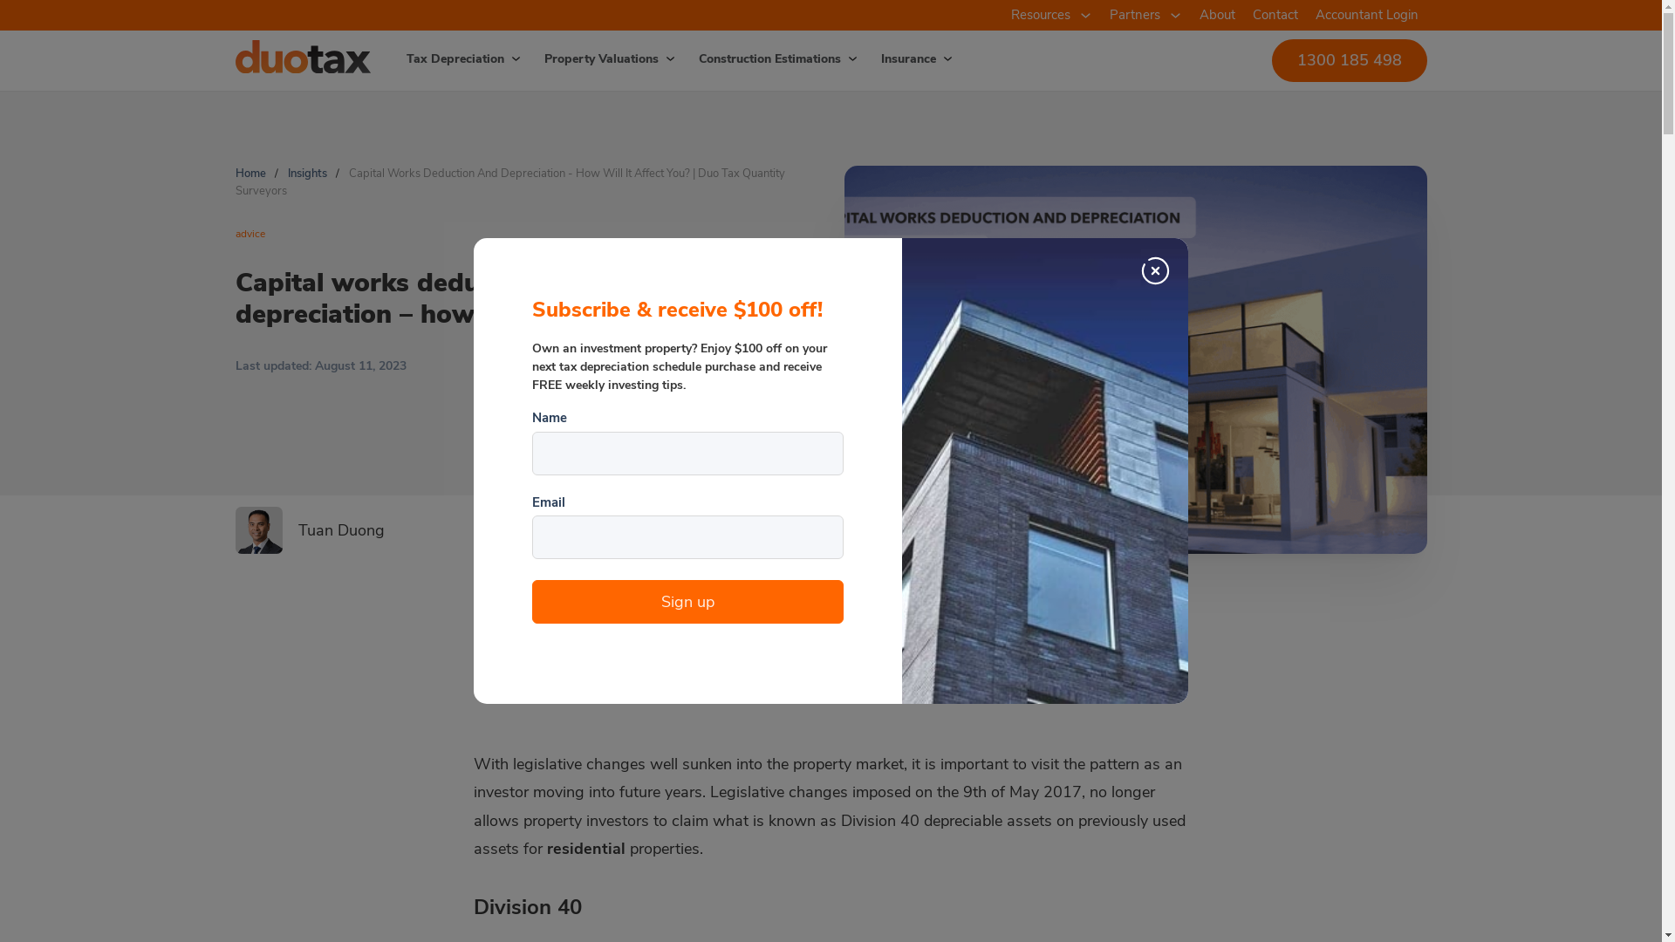  Describe the element at coordinates (307, 174) in the screenshot. I see `'Insights'` at that location.